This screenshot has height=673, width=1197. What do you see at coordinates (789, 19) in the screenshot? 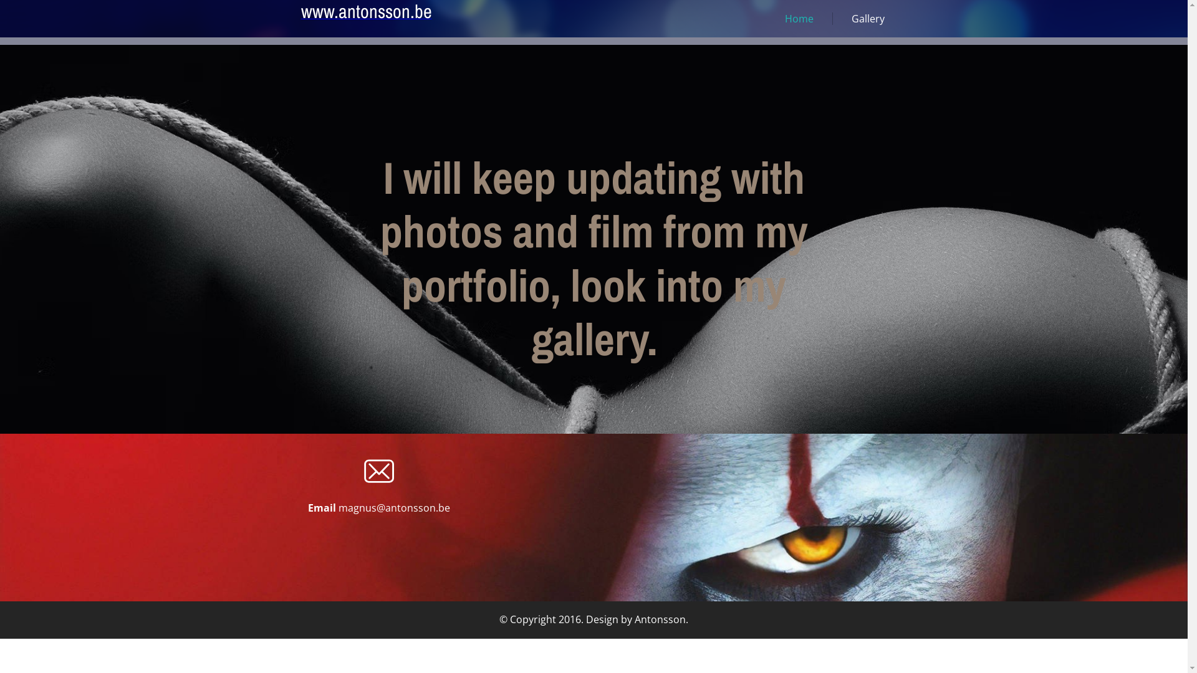
I see `'Home'` at bounding box center [789, 19].